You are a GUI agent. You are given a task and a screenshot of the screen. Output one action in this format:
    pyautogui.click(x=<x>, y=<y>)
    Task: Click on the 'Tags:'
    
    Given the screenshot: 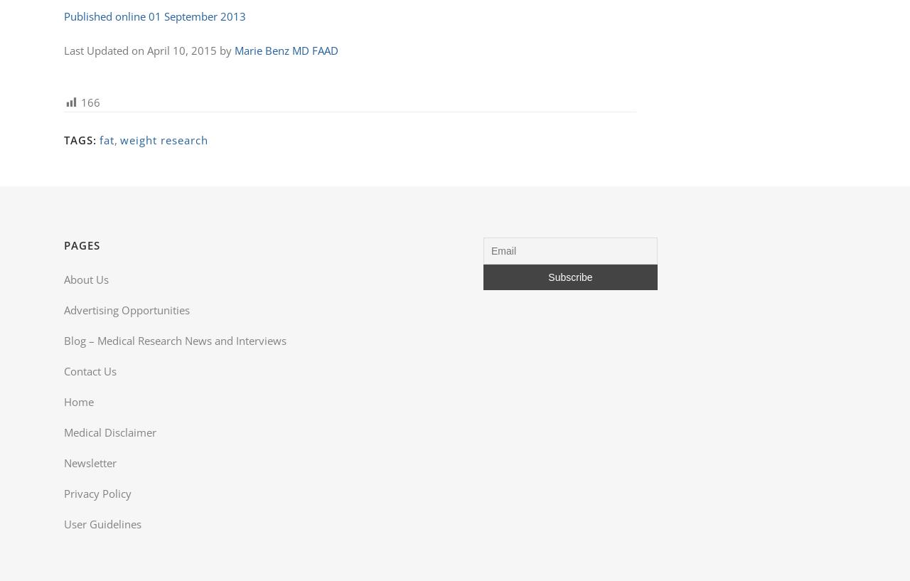 What is the action you would take?
    pyautogui.click(x=80, y=139)
    